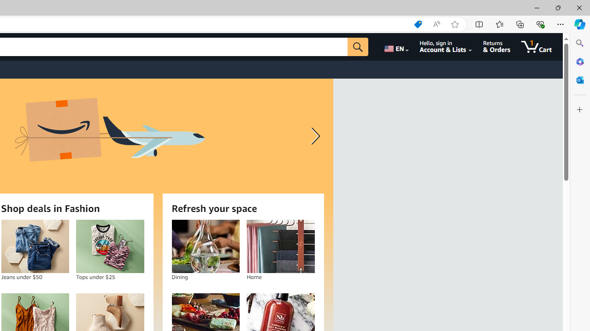 This screenshot has width=590, height=331. Describe the element at coordinates (579, 80) in the screenshot. I see `'Outlook'` at that location.